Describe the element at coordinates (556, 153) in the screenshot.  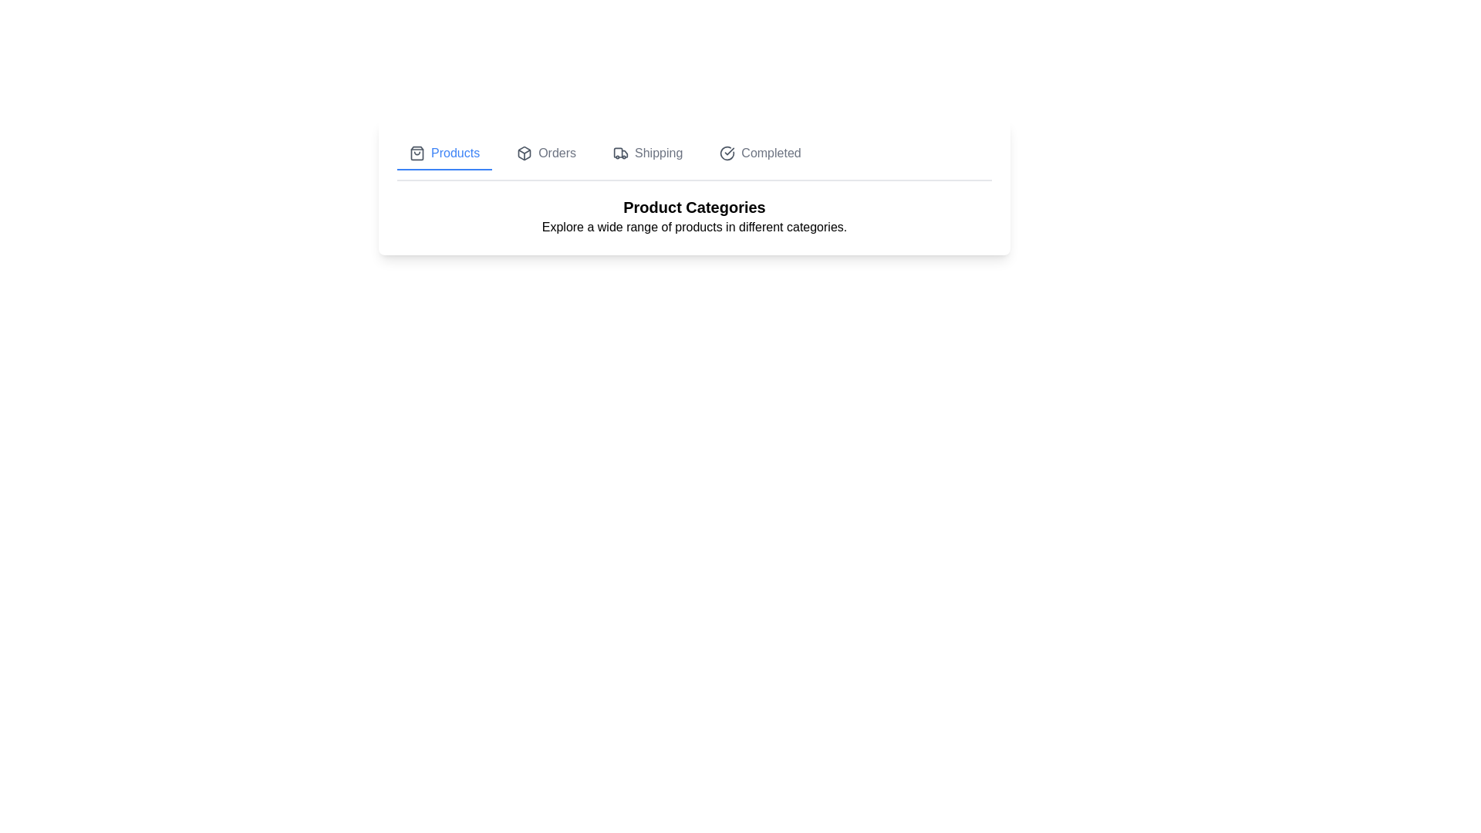
I see `the 'Orders' text label in the navigation menu, which is the second item from the left and is styled in gray font` at that location.